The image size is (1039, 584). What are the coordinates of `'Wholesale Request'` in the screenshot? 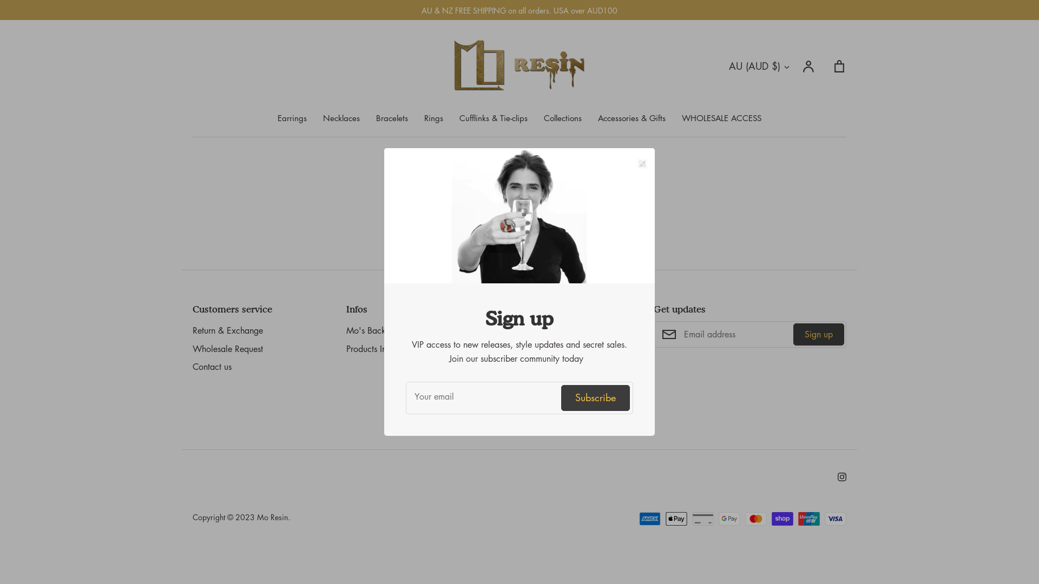 It's located at (192, 349).